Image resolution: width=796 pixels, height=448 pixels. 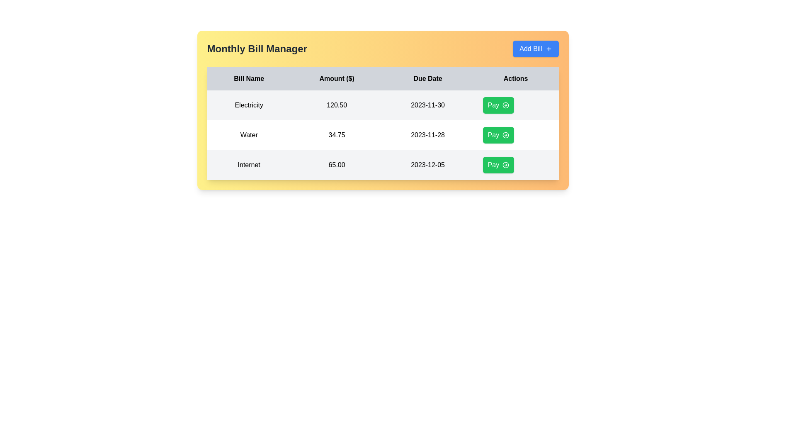 I want to click on the text component displaying the date '2023-12-05' in the 'Due Date' column of the 'Internet' bill row in the 'Monthly Bill Manager' section, so click(x=428, y=165).